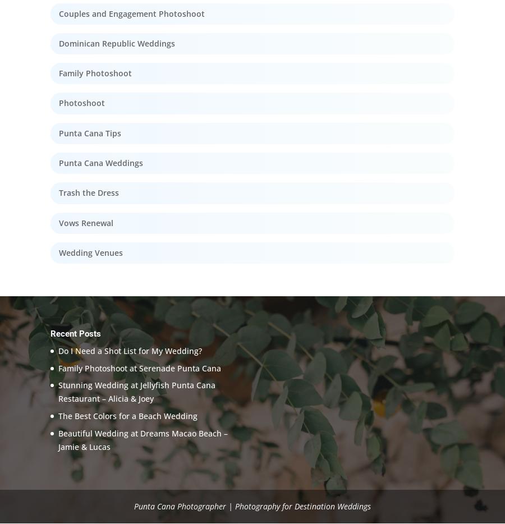  Describe the element at coordinates (136, 391) in the screenshot. I see `'Stunning Wedding at Jellyfish Punta Cana Restaurant – Alicia & Joey'` at that location.